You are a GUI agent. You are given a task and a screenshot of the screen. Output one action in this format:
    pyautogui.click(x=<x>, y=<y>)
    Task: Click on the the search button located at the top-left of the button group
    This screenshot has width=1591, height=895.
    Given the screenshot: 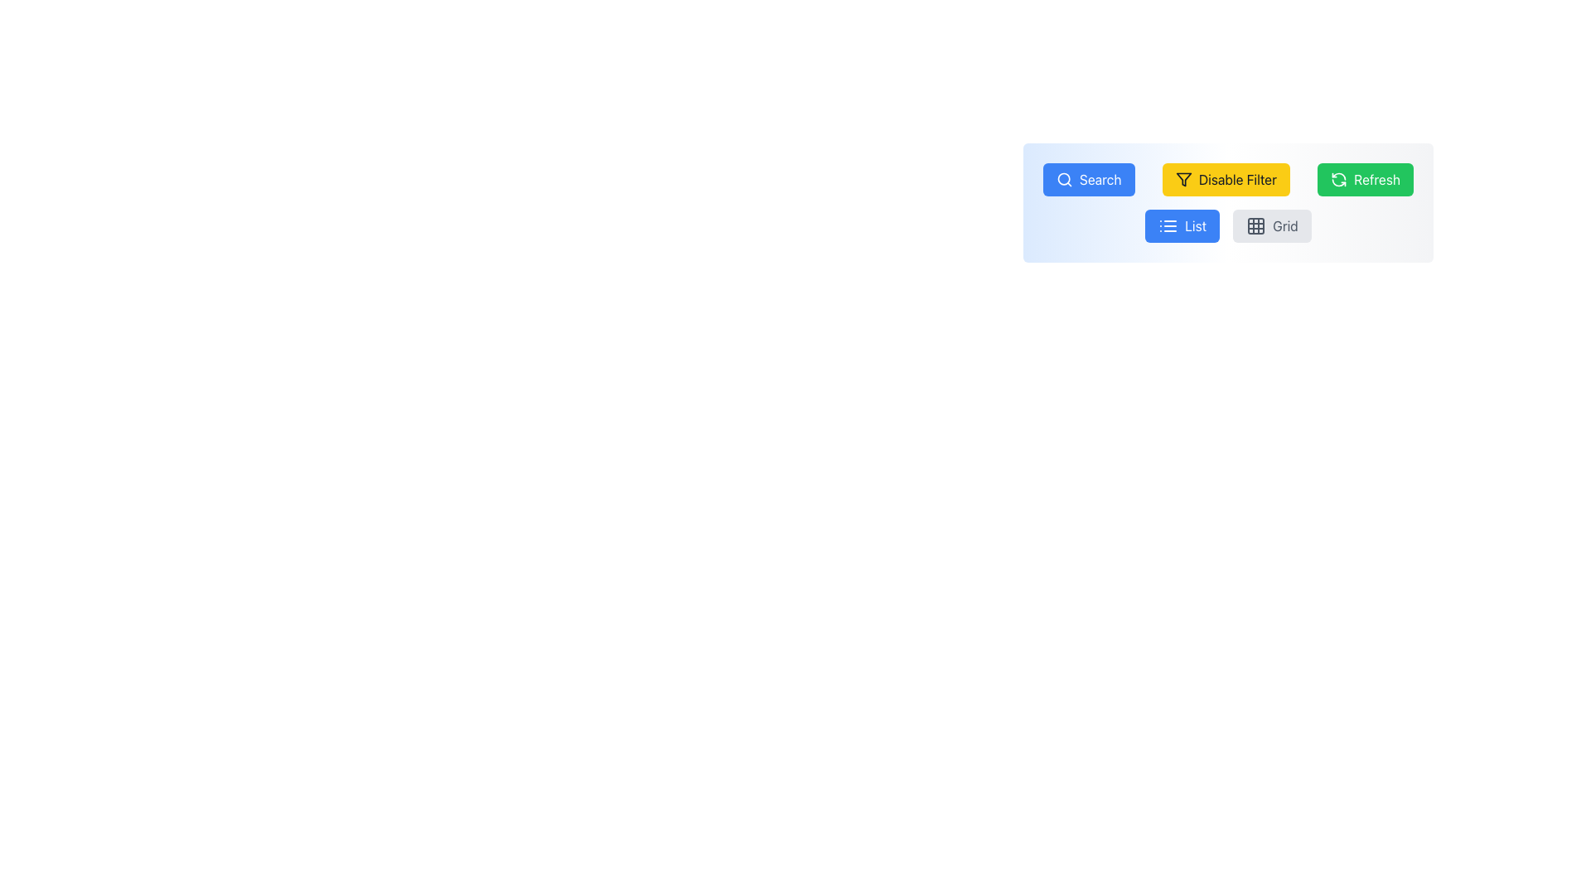 What is the action you would take?
    pyautogui.click(x=1089, y=179)
    